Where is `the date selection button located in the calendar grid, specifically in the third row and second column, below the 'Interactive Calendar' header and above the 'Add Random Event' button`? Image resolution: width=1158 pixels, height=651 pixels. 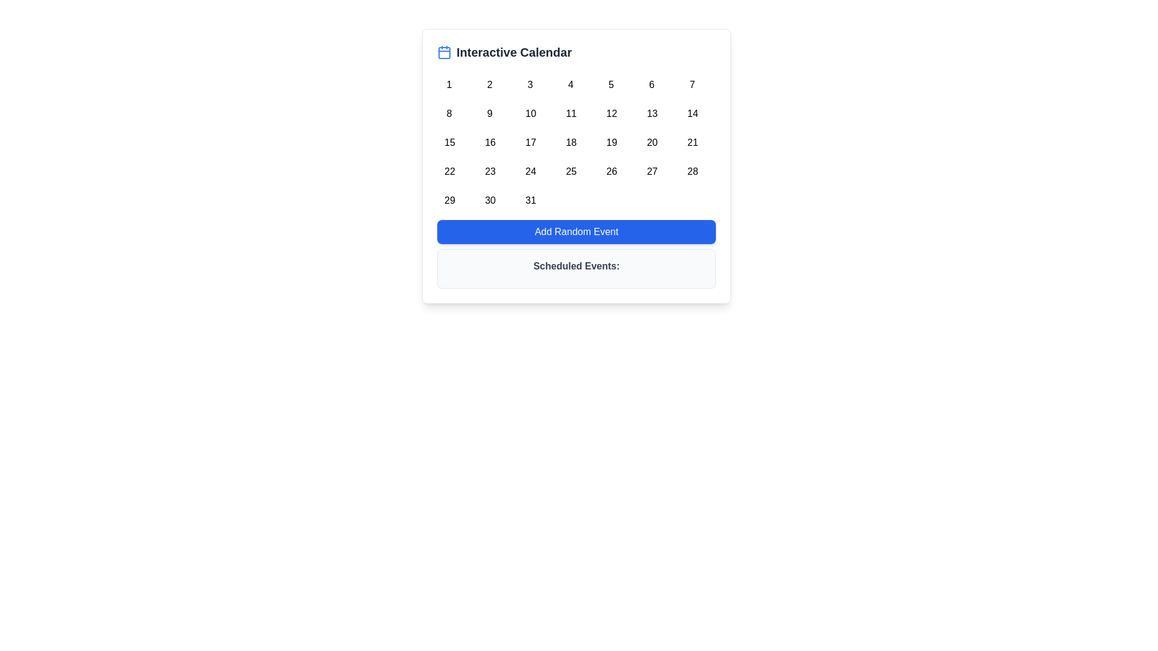 the date selection button located in the calendar grid, specifically in the third row and second column, below the 'Interactive Calendar' header and above the 'Add Random Event' button is located at coordinates (490, 139).